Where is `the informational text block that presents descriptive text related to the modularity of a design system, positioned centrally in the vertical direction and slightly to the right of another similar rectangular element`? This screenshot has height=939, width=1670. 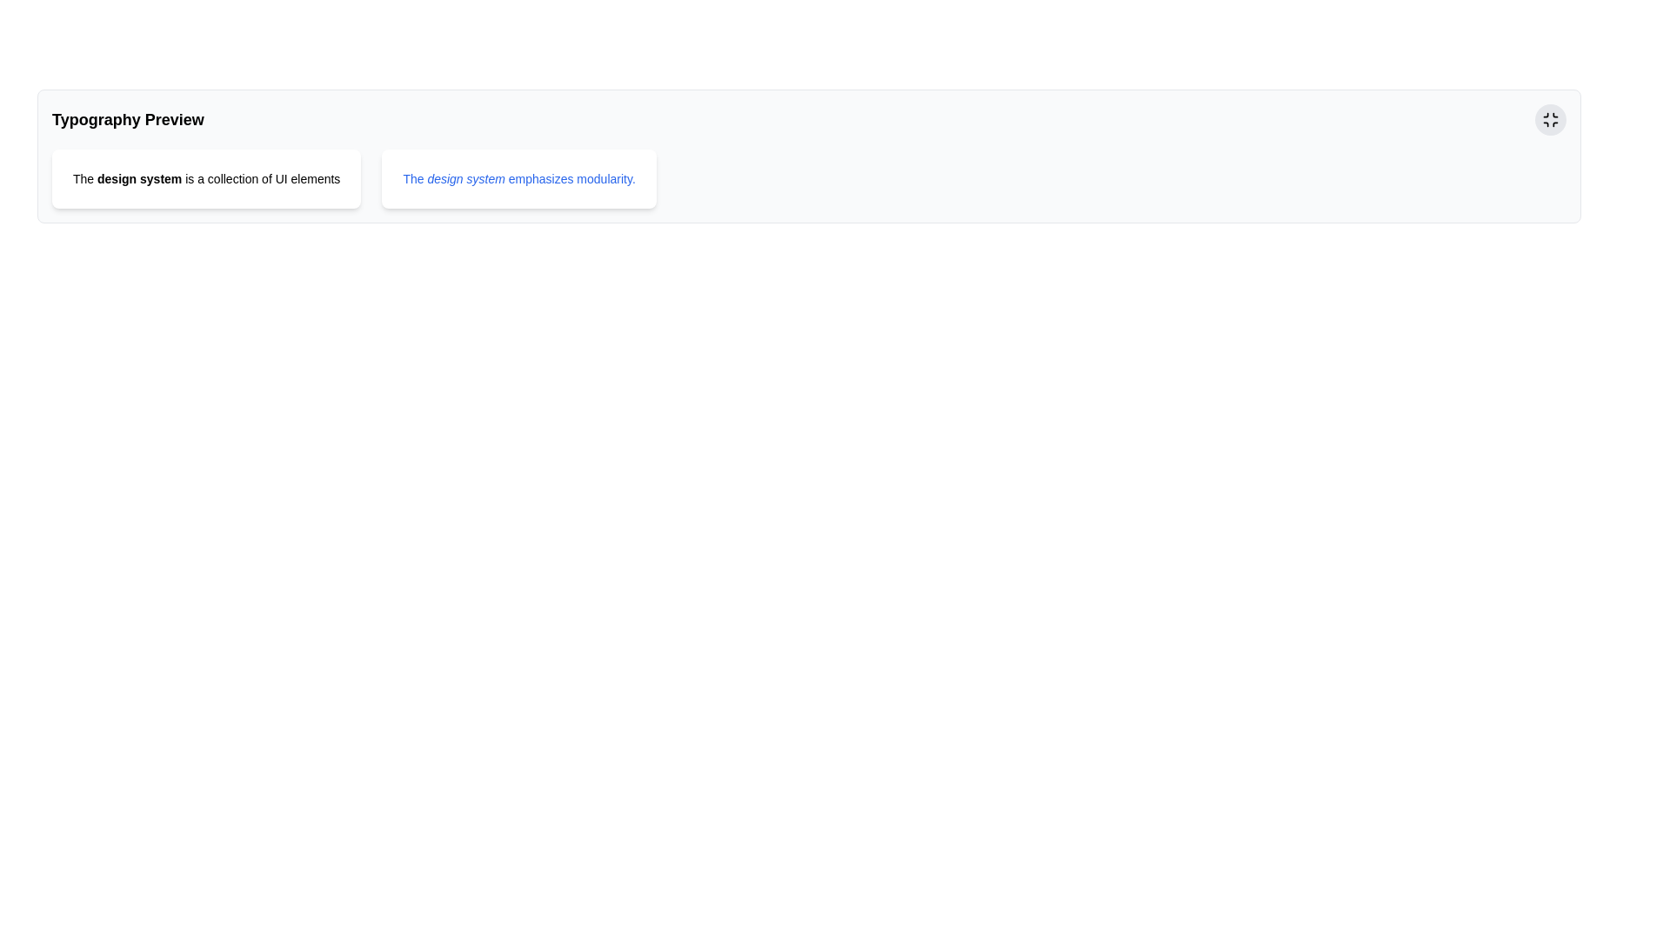 the informational text block that presents descriptive text related to the modularity of a design system, positioned centrally in the vertical direction and slightly to the right of another similar rectangular element is located at coordinates (518, 178).